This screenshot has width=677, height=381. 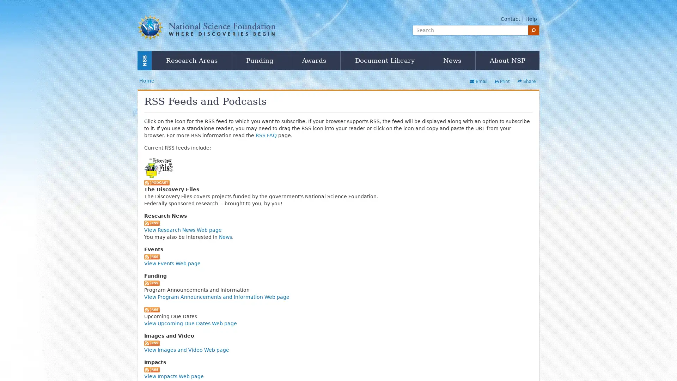 I want to click on search, so click(x=533, y=30).